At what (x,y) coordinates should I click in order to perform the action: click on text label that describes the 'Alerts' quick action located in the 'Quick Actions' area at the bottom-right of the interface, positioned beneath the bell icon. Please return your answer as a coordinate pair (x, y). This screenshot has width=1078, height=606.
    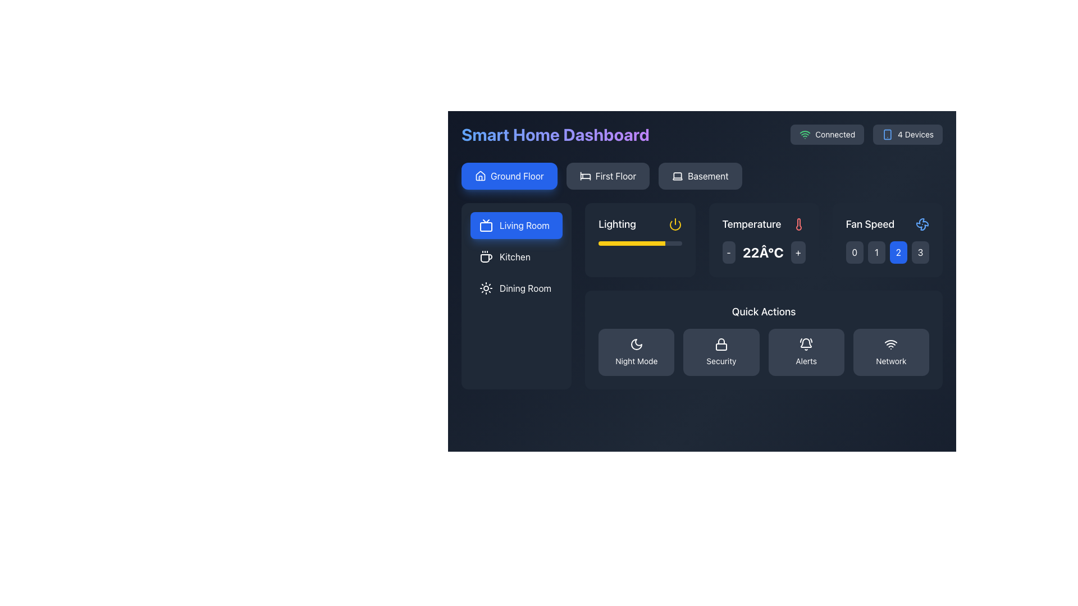
    Looking at the image, I should click on (806, 361).